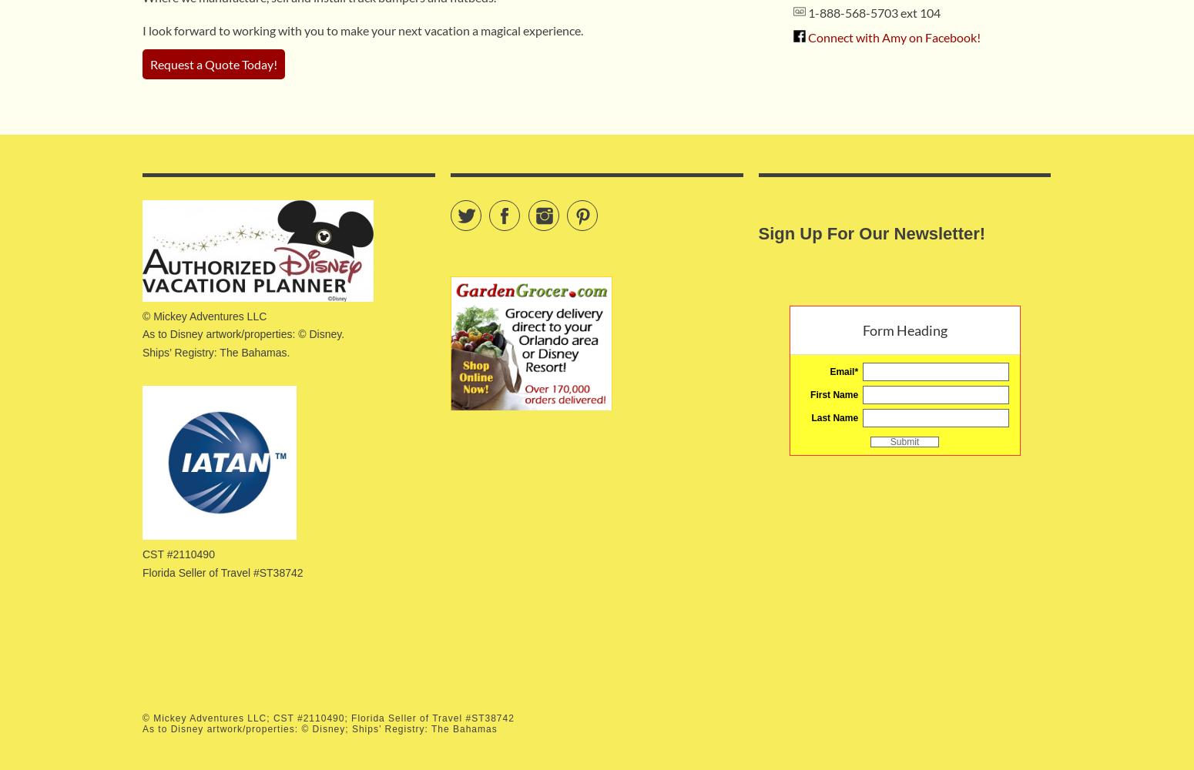 The width and height of the screenshot is (1194, 770). Describe the element at coordinates (204, 316) in the screenshot. I see `'© Mickey Adventures LLC'` at that location.